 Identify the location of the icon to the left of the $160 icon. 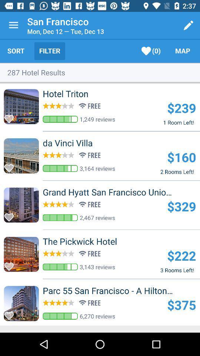
(79, 142).